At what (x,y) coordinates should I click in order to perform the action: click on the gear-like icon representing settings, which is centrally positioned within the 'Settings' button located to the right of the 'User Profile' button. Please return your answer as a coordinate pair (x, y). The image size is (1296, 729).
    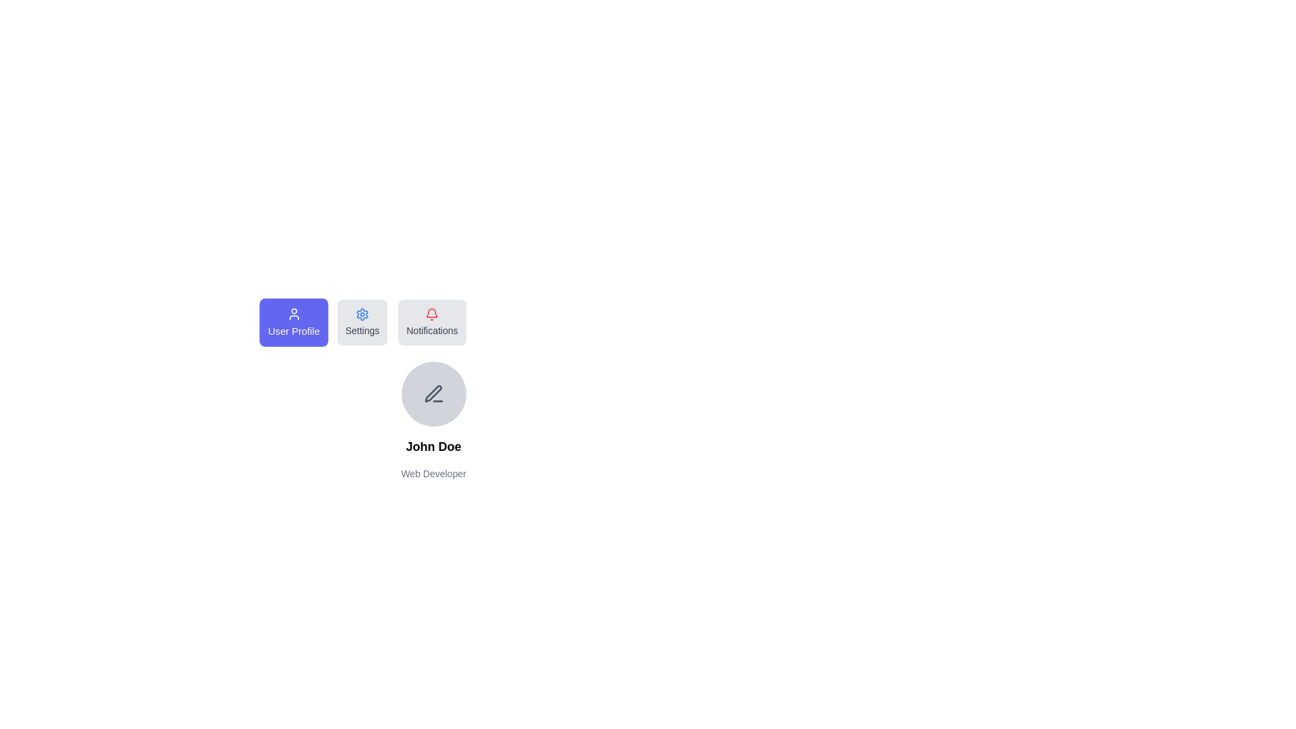
    Looking at the image, I should click on (362, 315).